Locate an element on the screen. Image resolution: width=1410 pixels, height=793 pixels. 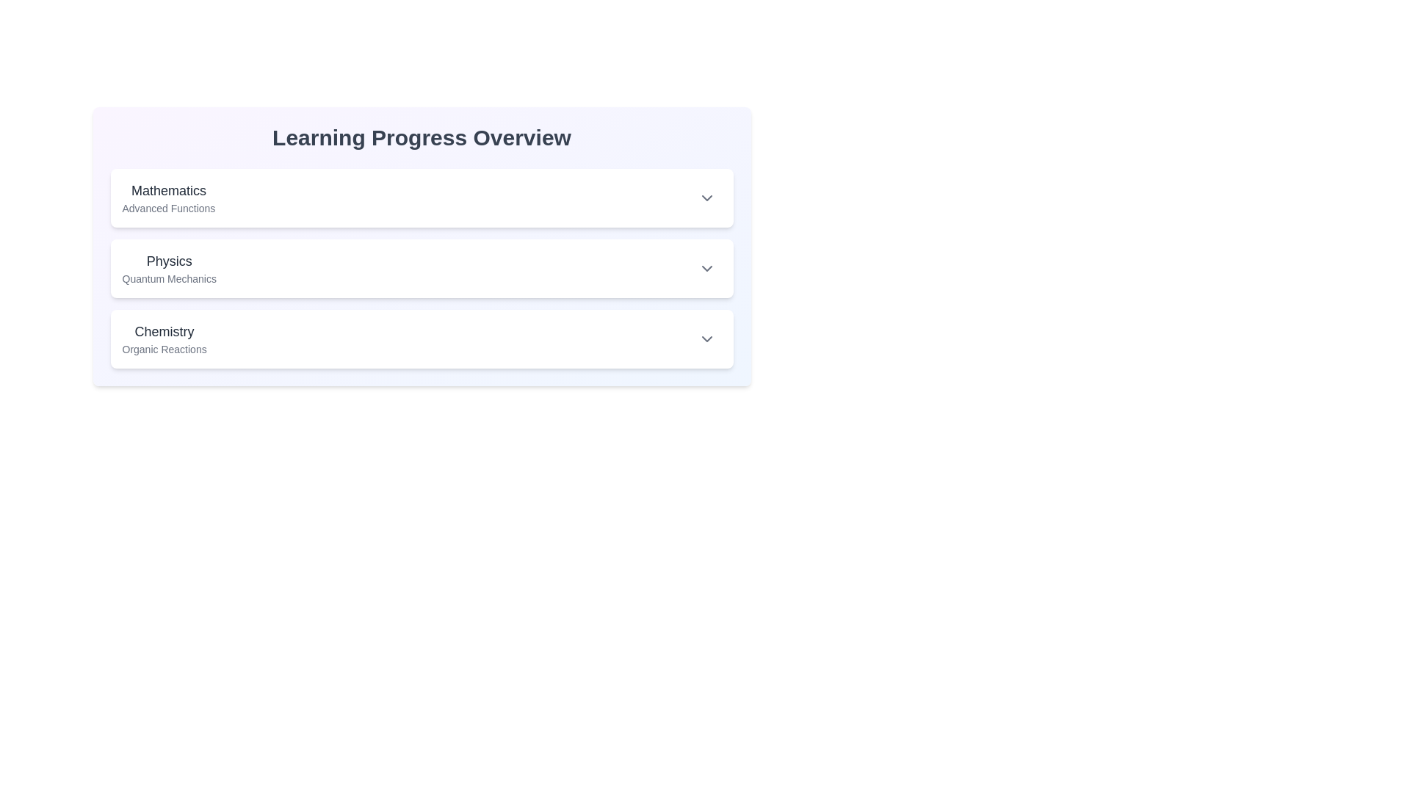
the Chevron Down icon is located at coordinates (706, 339).